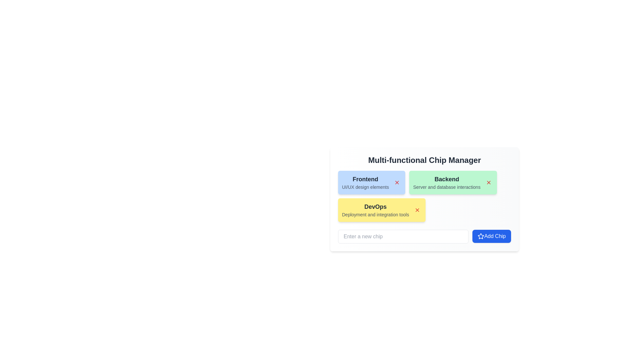  I want to click on the 'X' icon on the 'DevOps' chip, so click(425, 199).